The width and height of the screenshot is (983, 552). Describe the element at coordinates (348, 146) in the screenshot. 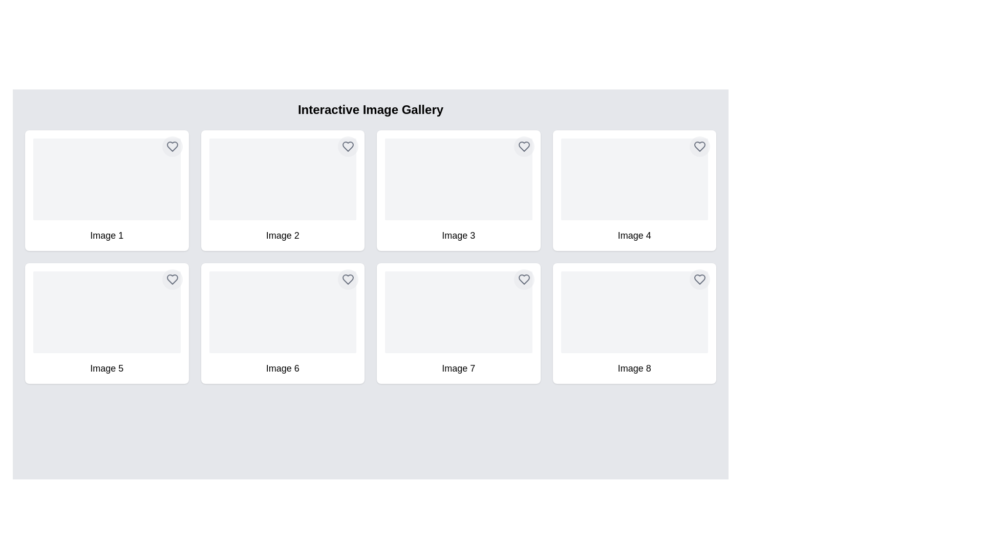

I see `the 'like' button located at the top-right corner of the card labeled 'Image 2' in the second column of the first row` at that location.